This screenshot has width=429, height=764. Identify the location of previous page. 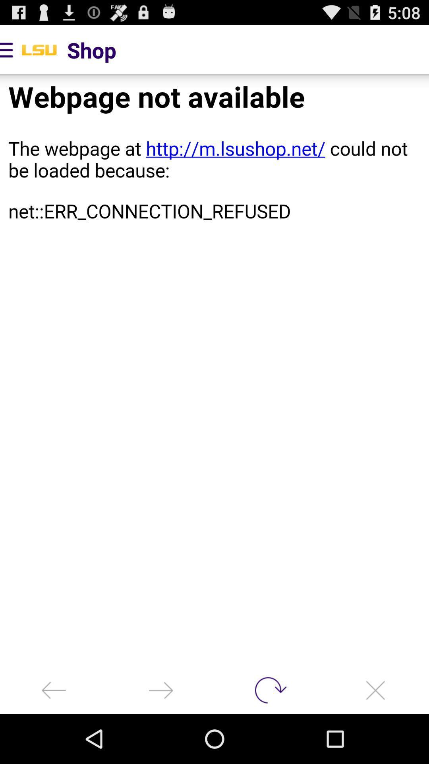
(161, 690).